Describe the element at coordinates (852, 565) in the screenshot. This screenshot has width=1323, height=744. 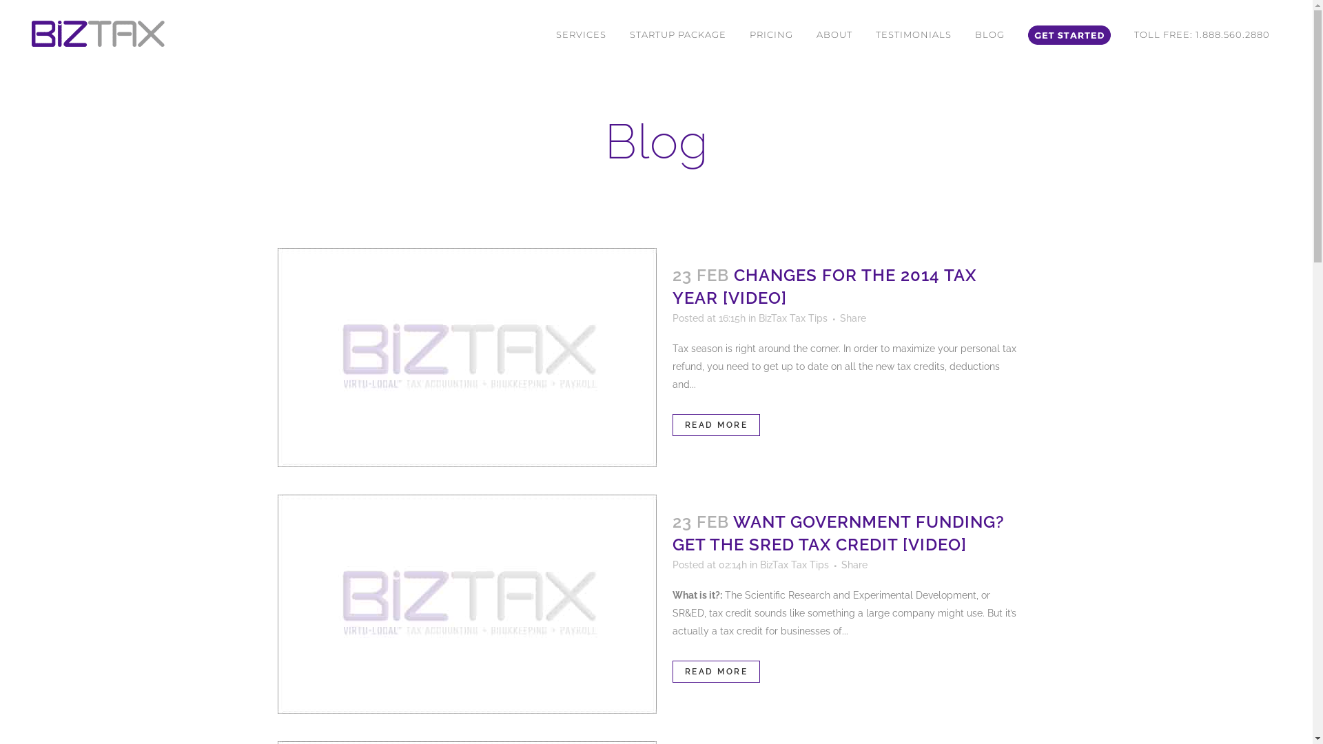
I see `'Share'` at that location.